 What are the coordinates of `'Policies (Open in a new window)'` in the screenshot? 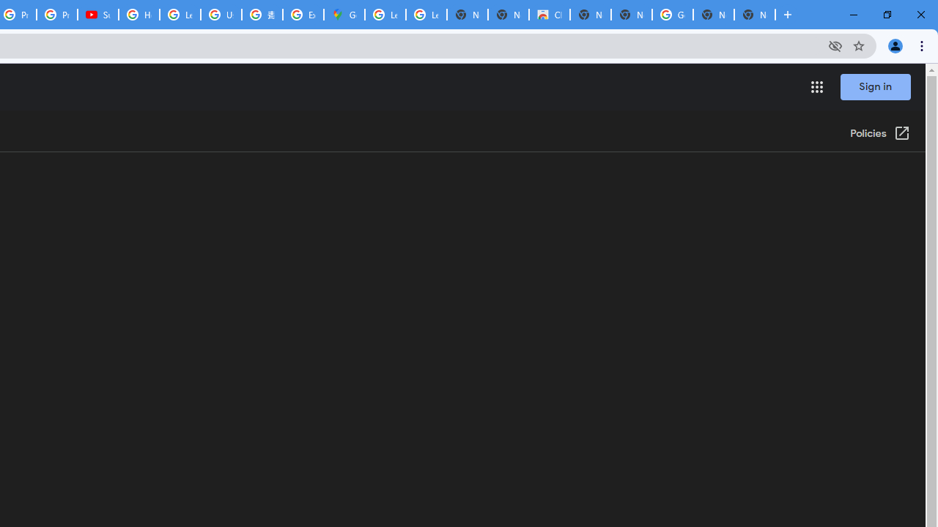 It's located at (879, 134).